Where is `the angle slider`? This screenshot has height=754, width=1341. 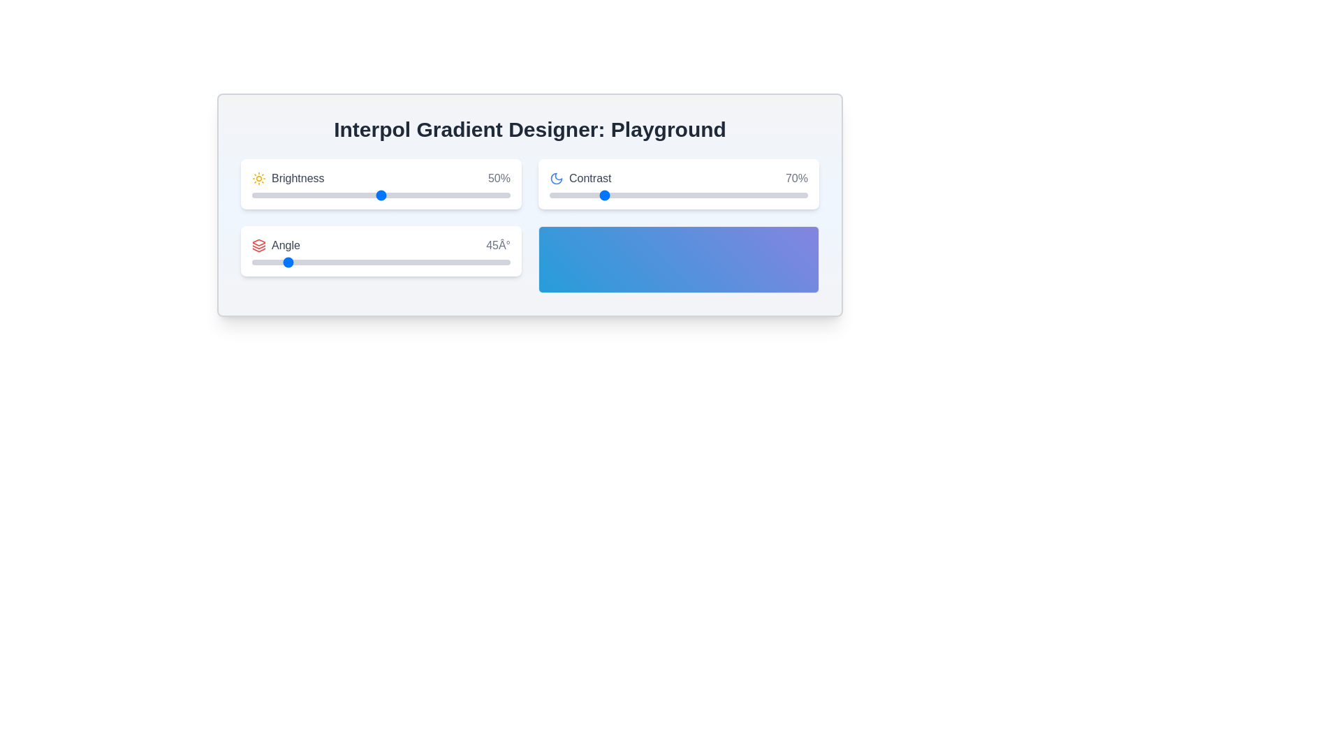 the angle slider is located at coordinates (364, 262).